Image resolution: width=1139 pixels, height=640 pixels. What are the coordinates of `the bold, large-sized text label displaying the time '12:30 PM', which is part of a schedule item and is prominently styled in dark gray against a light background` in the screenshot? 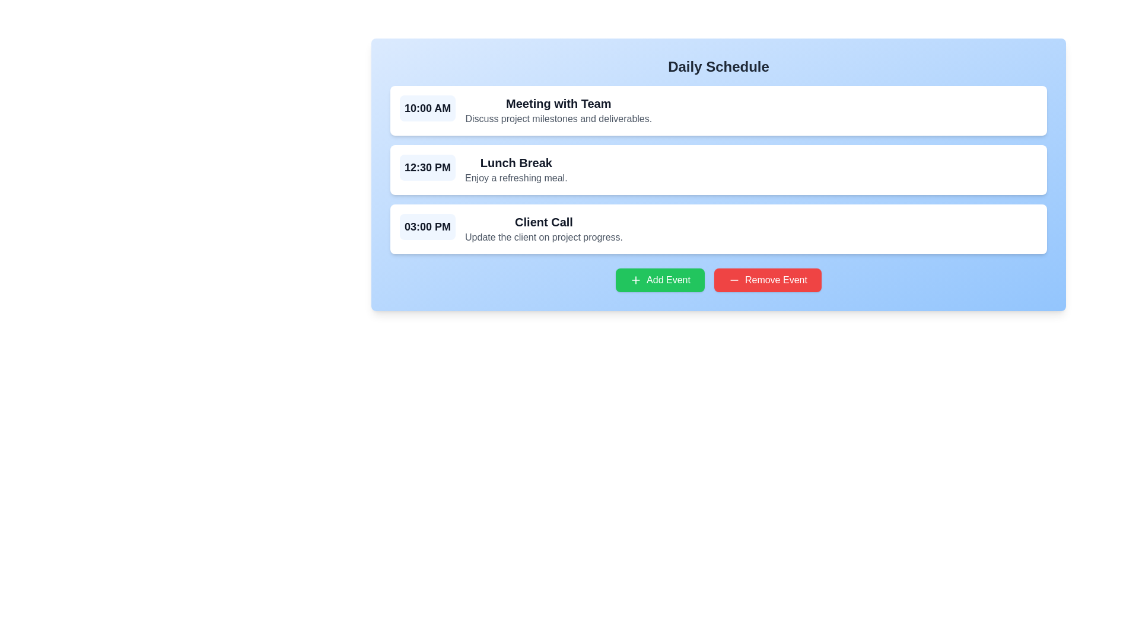 It's located at (427, 167).